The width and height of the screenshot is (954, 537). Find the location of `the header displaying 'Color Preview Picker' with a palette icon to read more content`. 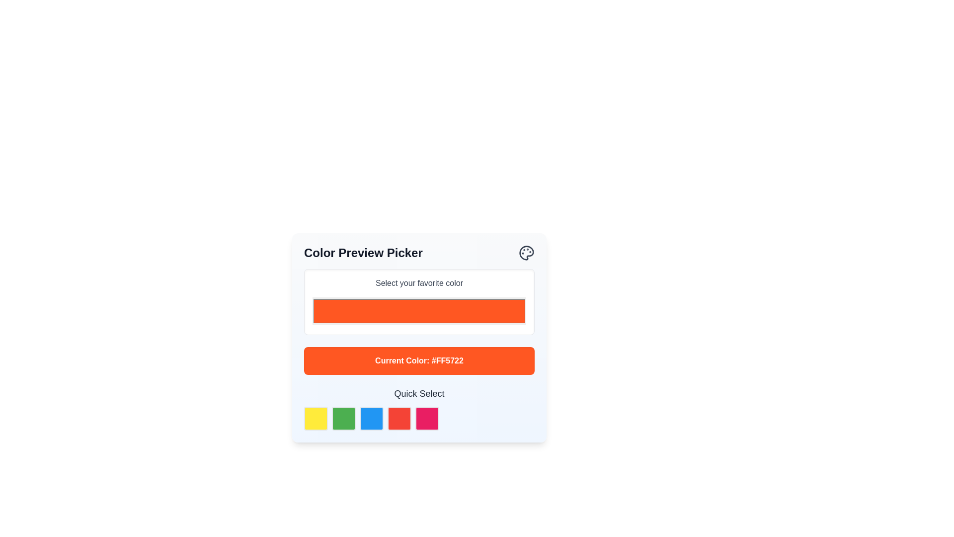

the header displaying 'Color Preview Picker' with a palette icon to read more content is located at coordinates (419, 253).